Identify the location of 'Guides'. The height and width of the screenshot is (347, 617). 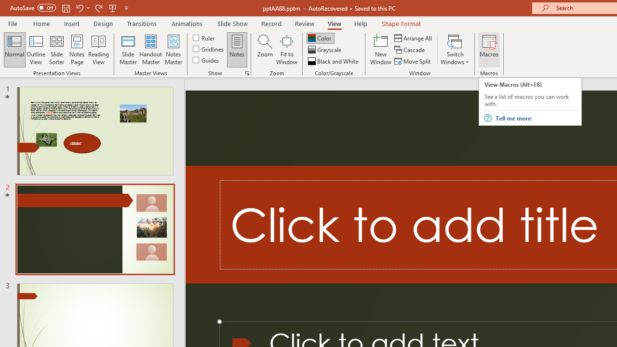
(206, 60).